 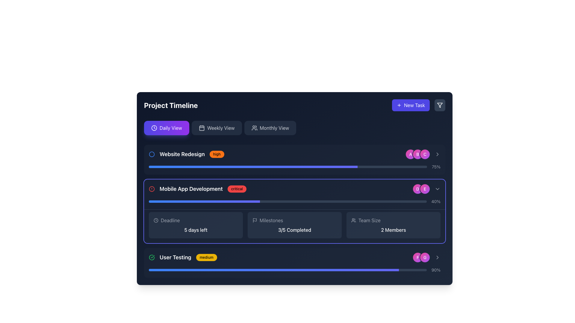 I want to click on the 'New Task' button with a purple background and white text, so click(x=411, y=105).